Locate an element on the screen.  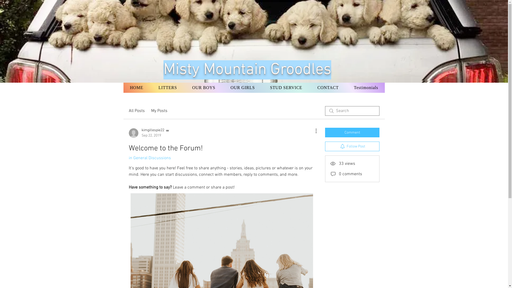
'Comment' is located at coordinates (352, 132).